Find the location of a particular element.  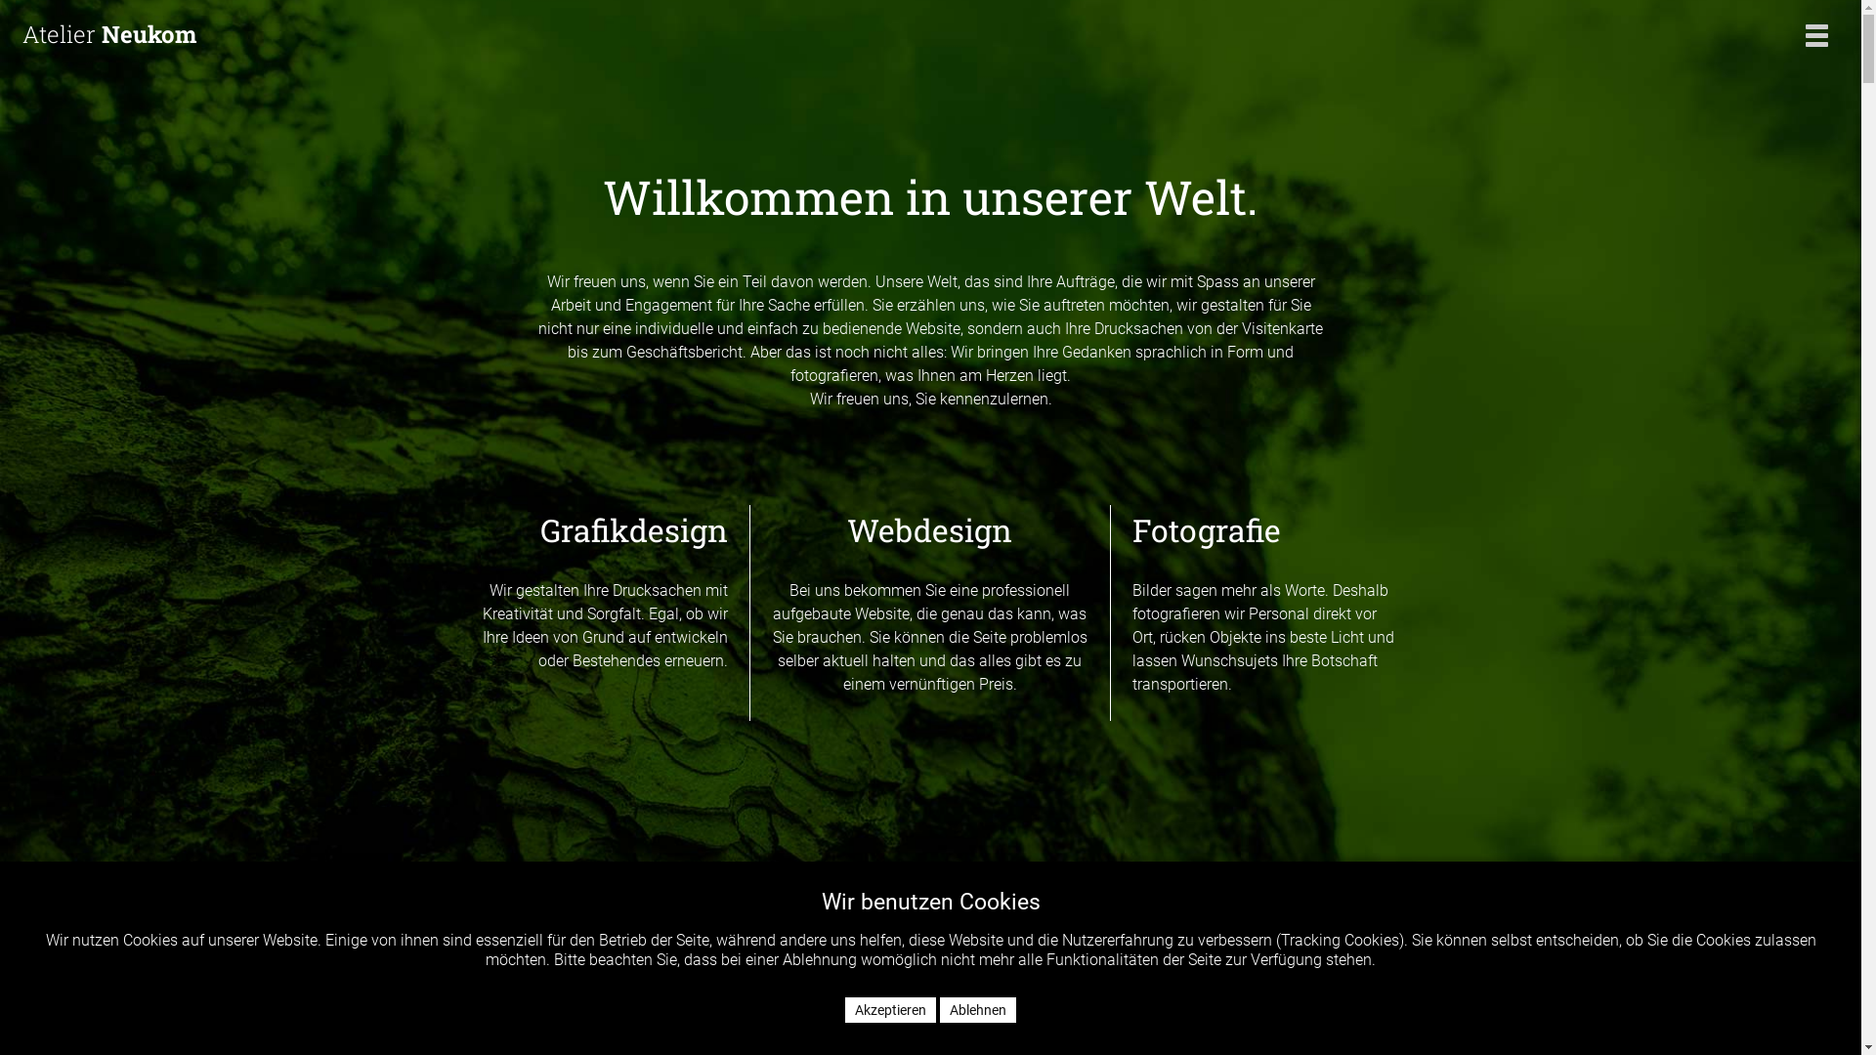

'Ablehnen' is located at coordinates (978, 1009).